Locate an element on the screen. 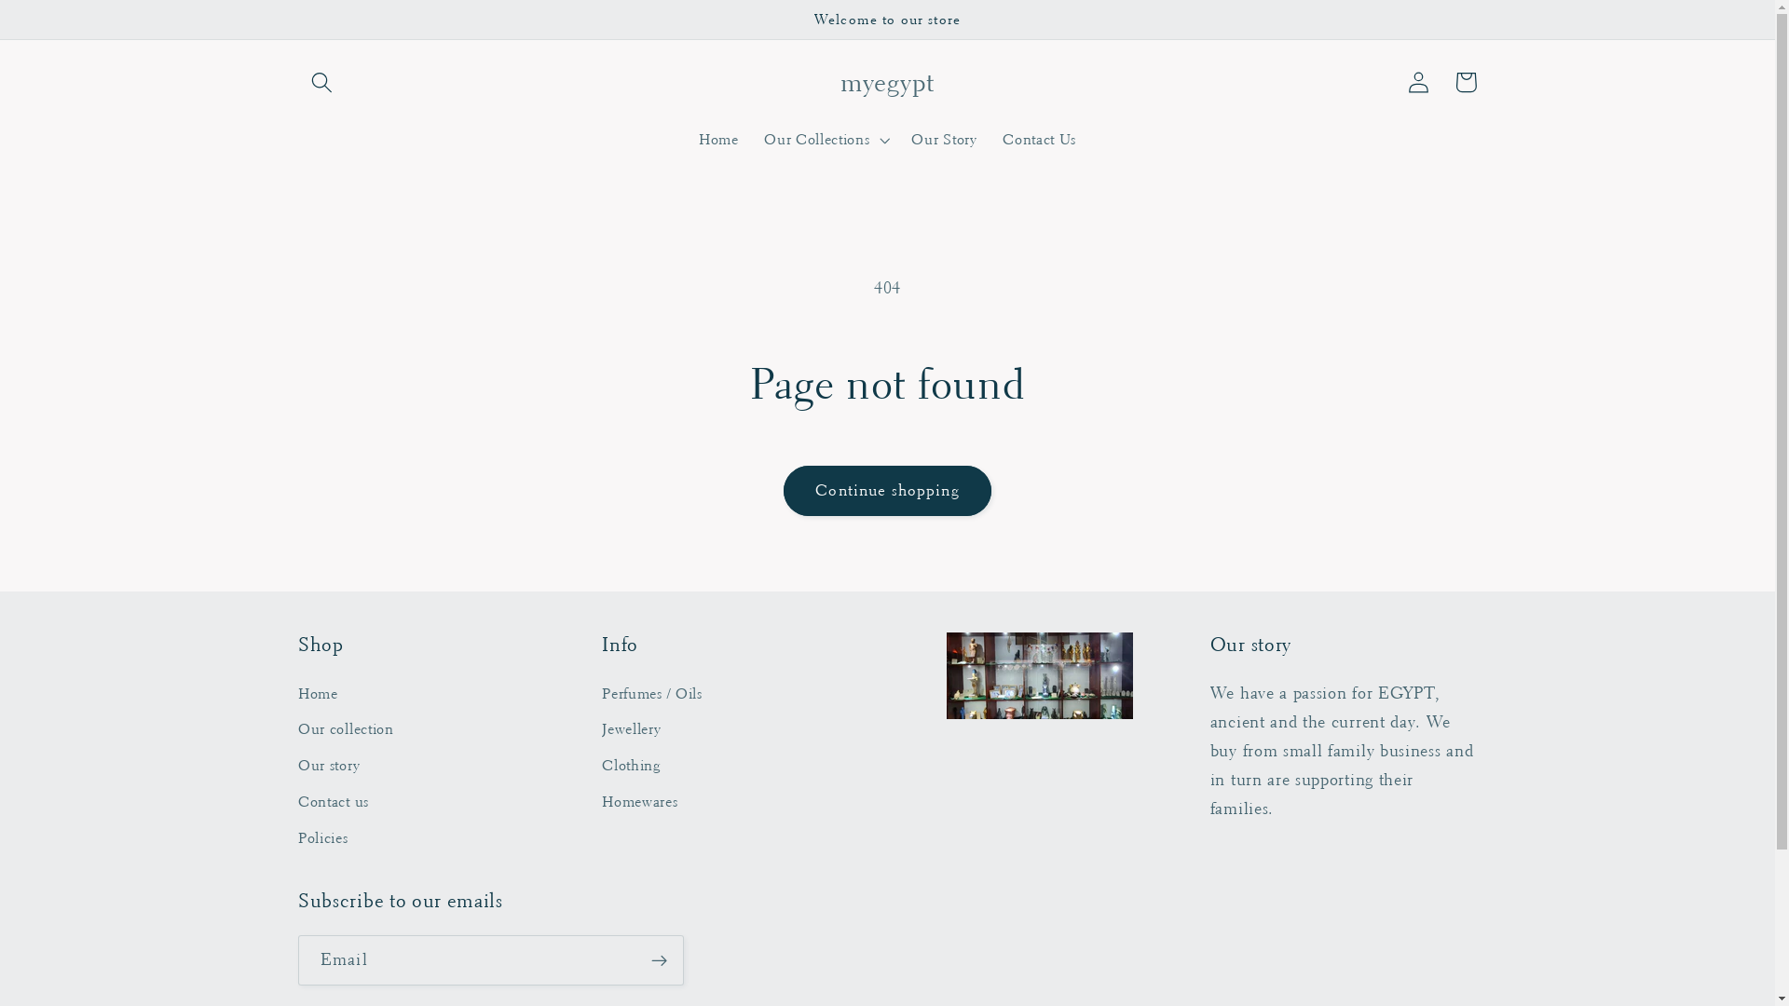 This screenshot has height=1006, width=1789. 'Log in' is located at coordinates (1395, 81).